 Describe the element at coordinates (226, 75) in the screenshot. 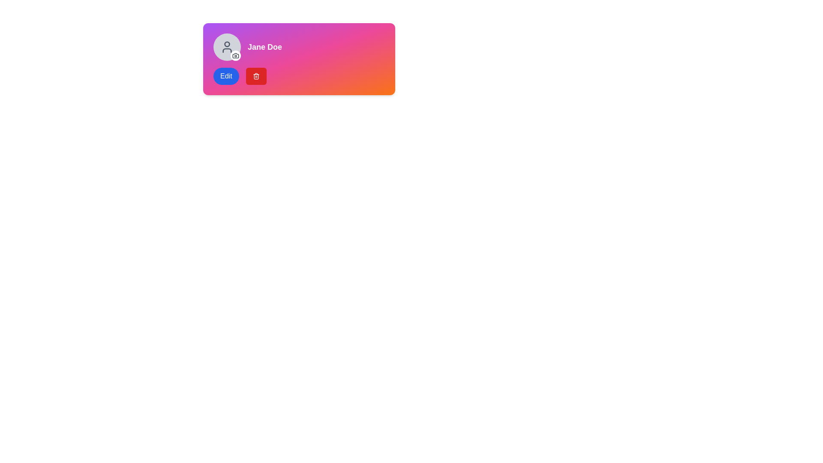

I see `the 'Edit' button` at that location.